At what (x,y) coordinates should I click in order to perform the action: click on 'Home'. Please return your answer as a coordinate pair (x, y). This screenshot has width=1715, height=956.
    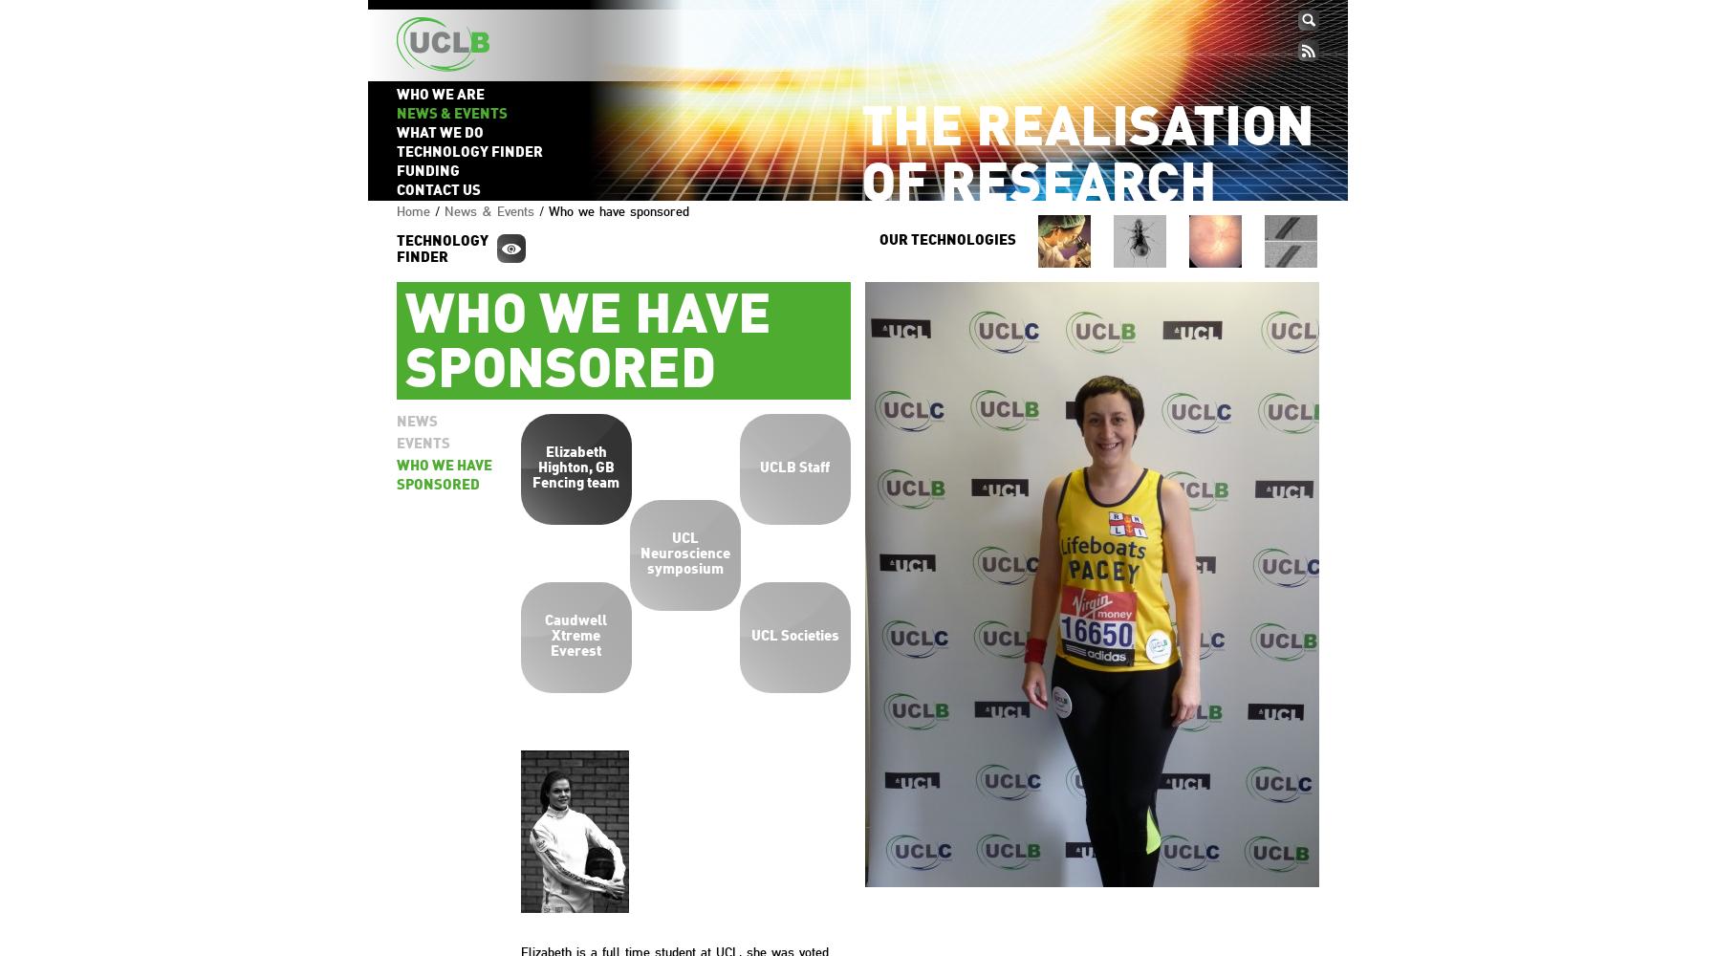
    Looking at the image, I should click on (411, 209).